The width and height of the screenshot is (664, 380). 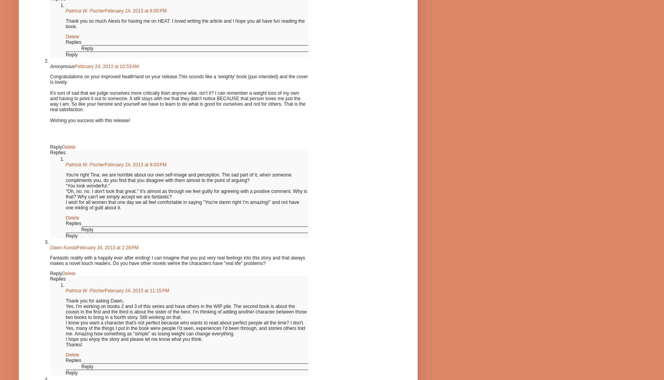 I want to click on 'Anonymous', so click(x=62, y=66).